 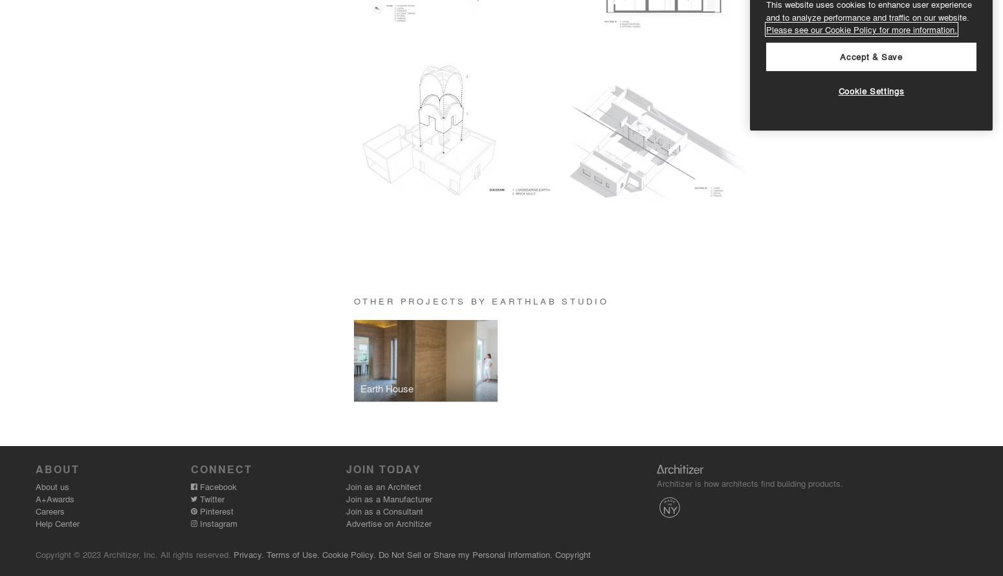 I want to click on 'Twitter', so click(x=210, y=498).